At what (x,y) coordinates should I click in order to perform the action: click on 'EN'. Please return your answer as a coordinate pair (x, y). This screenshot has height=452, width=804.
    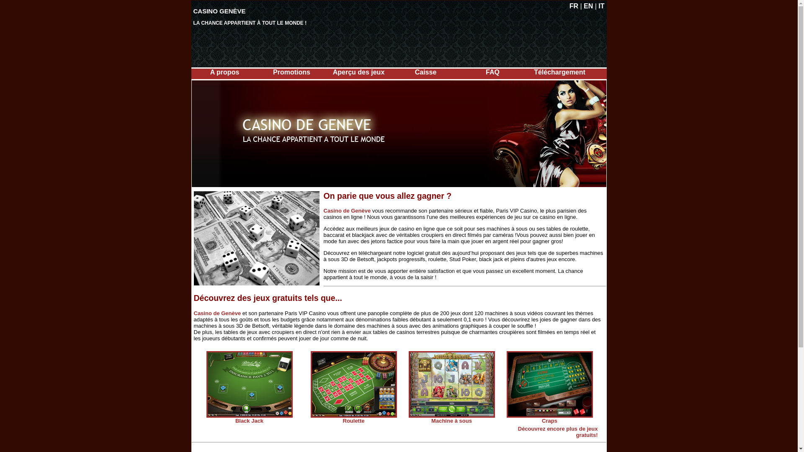
    Looking at the image, I should click on (588, 6).